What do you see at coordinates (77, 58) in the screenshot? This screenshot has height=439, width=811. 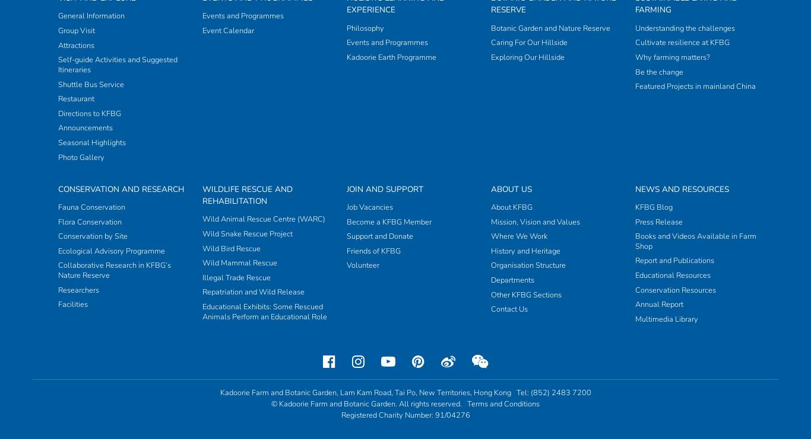 I see `'Researchers'` at bounding box center [77, 58].